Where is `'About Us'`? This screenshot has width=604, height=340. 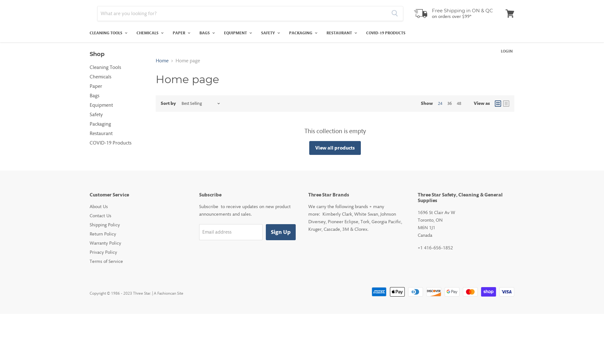 'About Us' is located at coordinates (98, 206).